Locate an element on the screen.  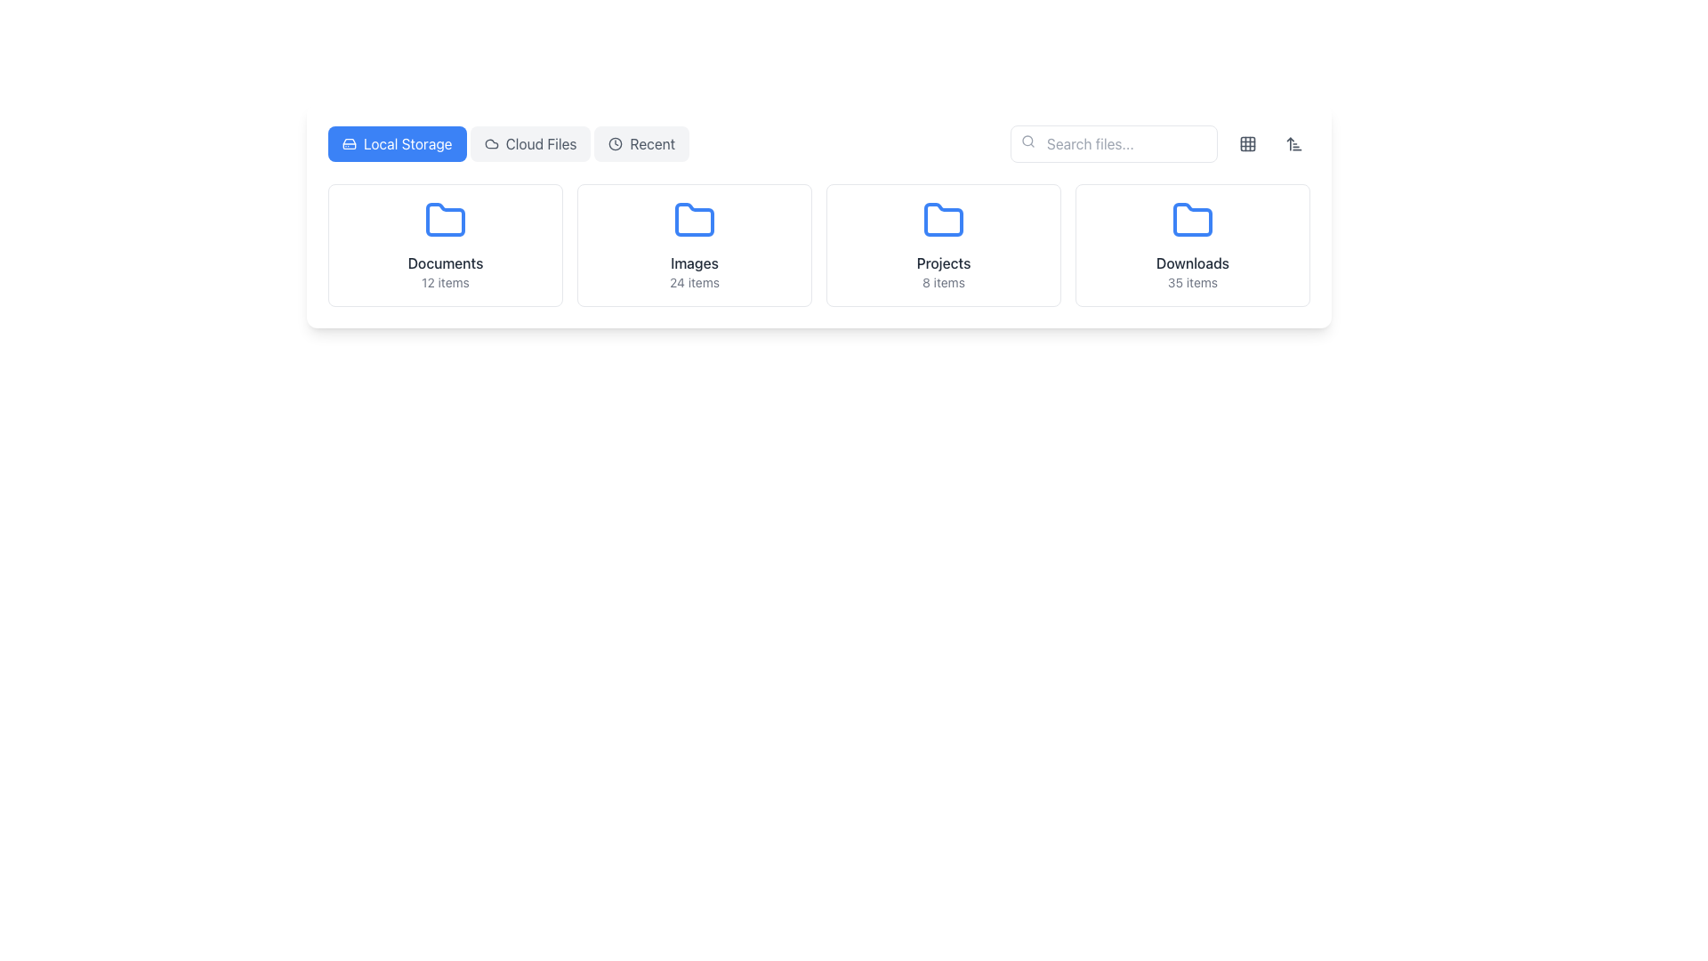
the 'Downloads' text label, which is displayed in bolded dark gray font within a white card component is located at coordinates (1192, 263).